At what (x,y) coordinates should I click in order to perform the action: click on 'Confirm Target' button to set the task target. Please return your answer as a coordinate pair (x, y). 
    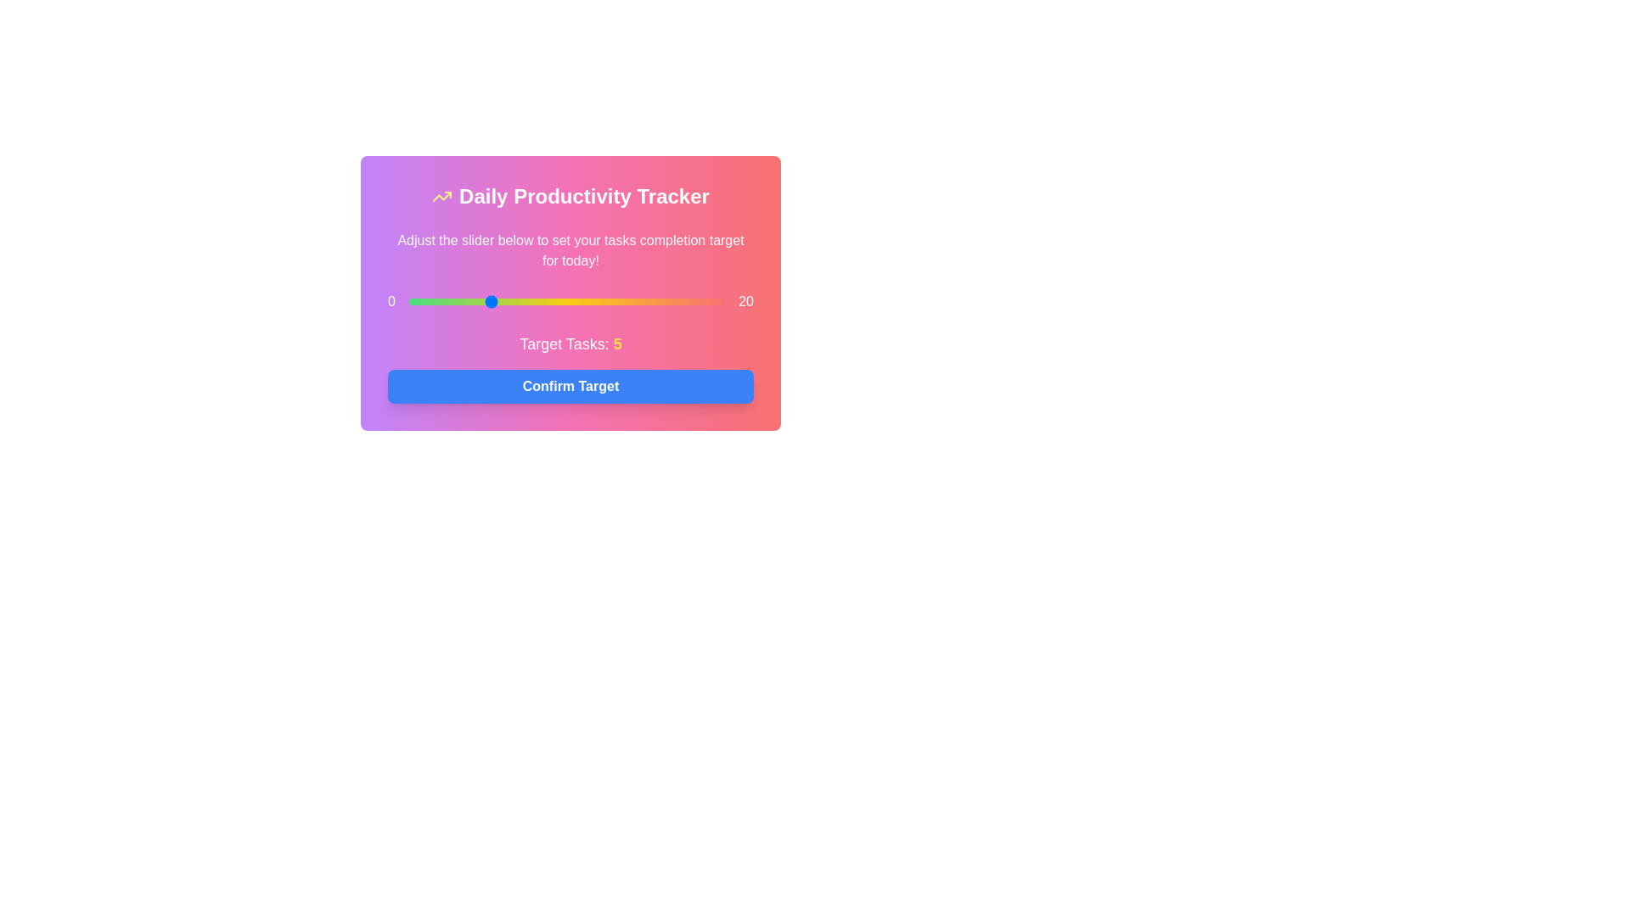
    Looking at the image, I should click on (570, 386).